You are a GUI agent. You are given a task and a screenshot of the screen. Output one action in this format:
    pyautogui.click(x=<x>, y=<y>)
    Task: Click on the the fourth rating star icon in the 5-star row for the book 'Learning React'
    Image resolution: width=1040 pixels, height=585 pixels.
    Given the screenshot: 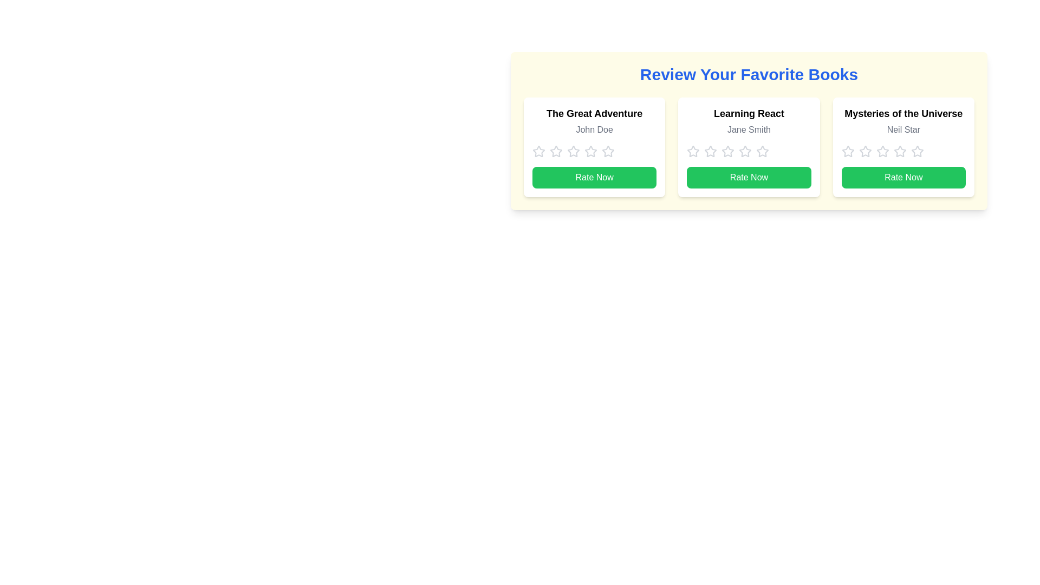 What is the action you would take?
    pyautogui.click(x=762, y=152)
    